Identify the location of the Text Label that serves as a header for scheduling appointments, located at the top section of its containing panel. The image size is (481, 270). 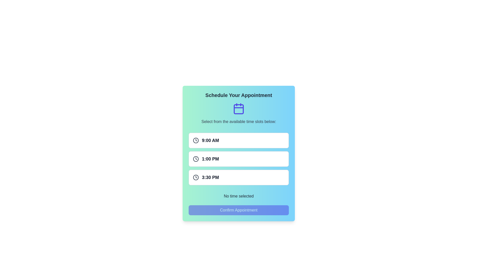
(238, 95).